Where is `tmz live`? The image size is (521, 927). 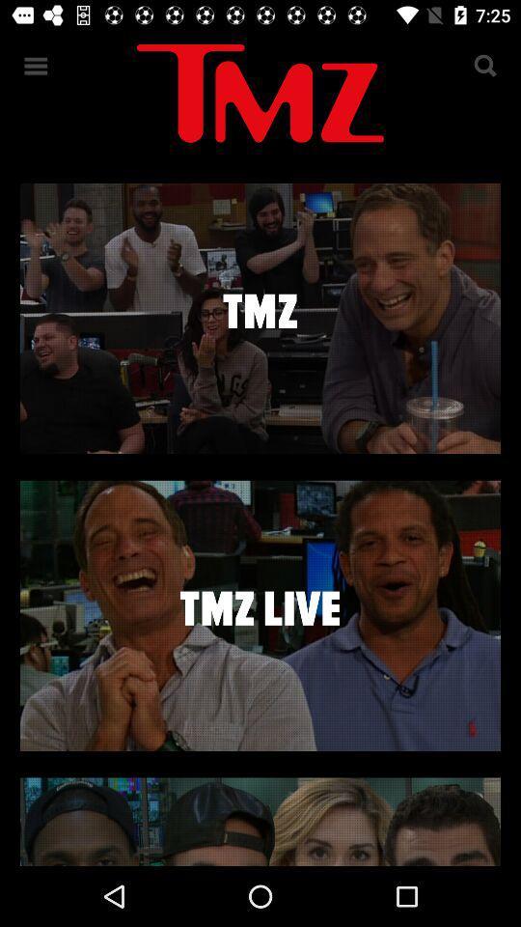 tmz live is located at coordinates (260, 614).